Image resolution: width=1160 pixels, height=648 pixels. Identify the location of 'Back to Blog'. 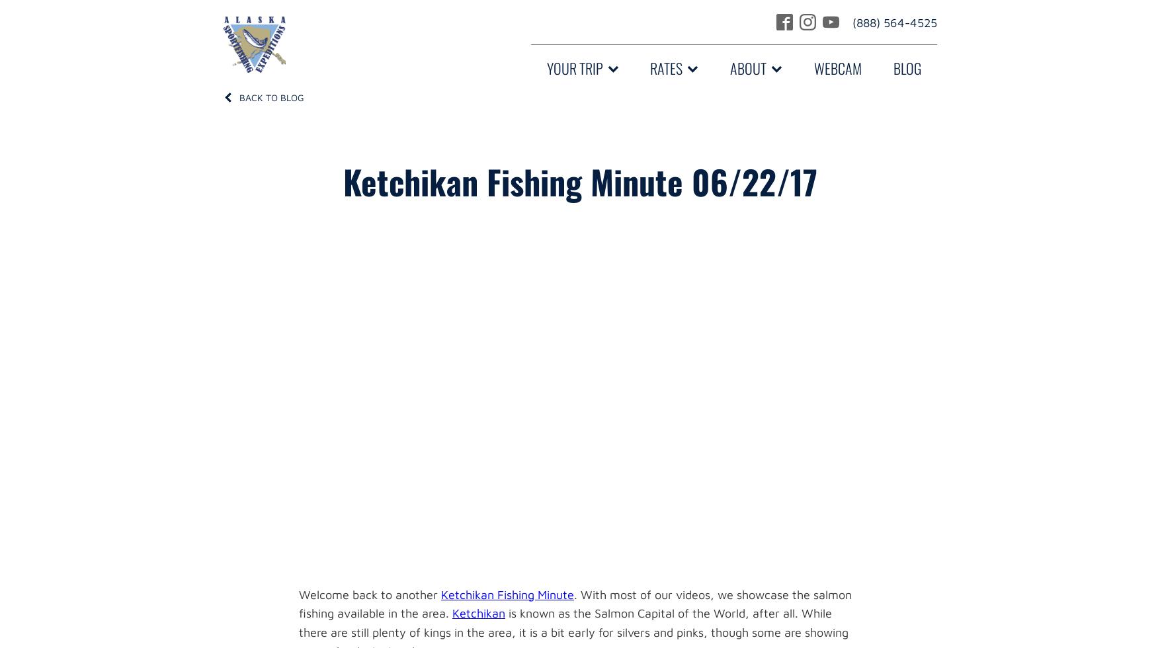
(271, 97).